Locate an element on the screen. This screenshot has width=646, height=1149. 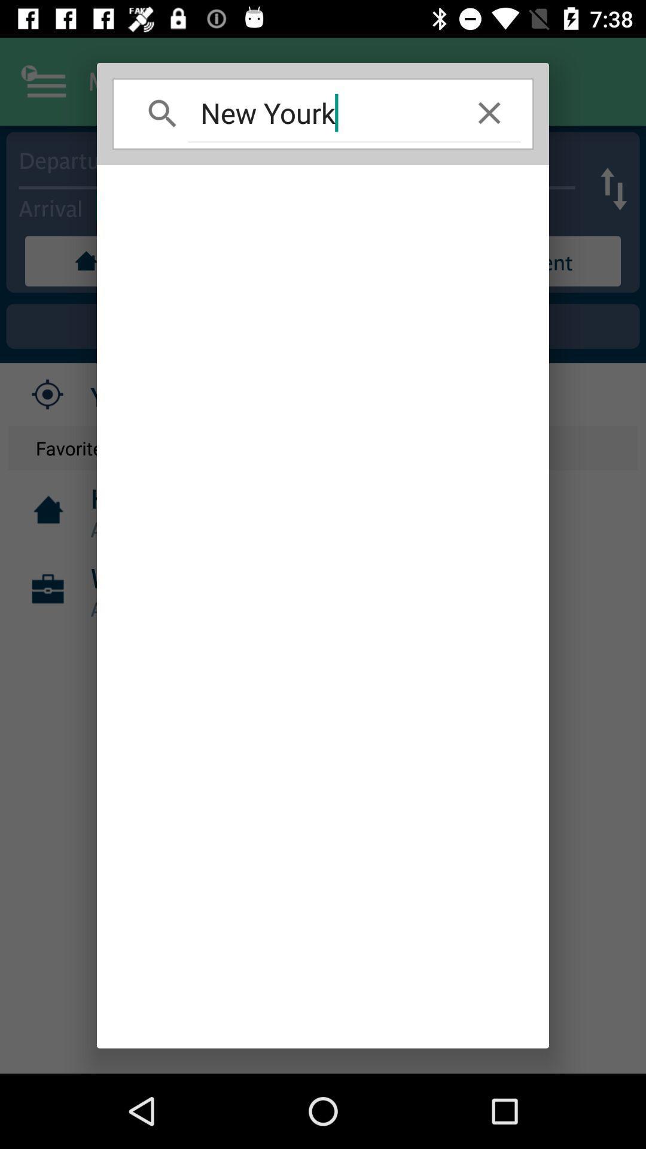
item below new yourk icon is located at coordinates (323, 606).